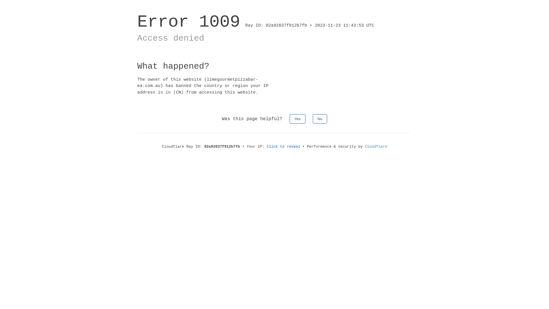 The image size is (549, 309). I want to click on 'No', so click(320, 118).